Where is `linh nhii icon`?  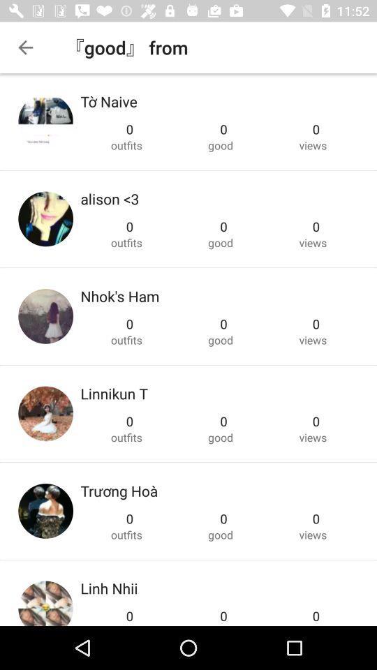 linh nhii icon is located at coordinates (108, 587).